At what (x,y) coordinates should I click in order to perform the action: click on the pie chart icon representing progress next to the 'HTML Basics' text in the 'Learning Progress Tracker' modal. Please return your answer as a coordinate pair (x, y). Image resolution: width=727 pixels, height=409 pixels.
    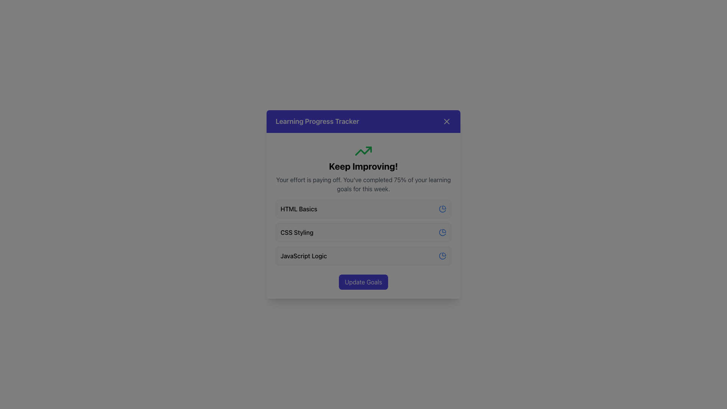
    Looking at the image, I should click on (442, 209).